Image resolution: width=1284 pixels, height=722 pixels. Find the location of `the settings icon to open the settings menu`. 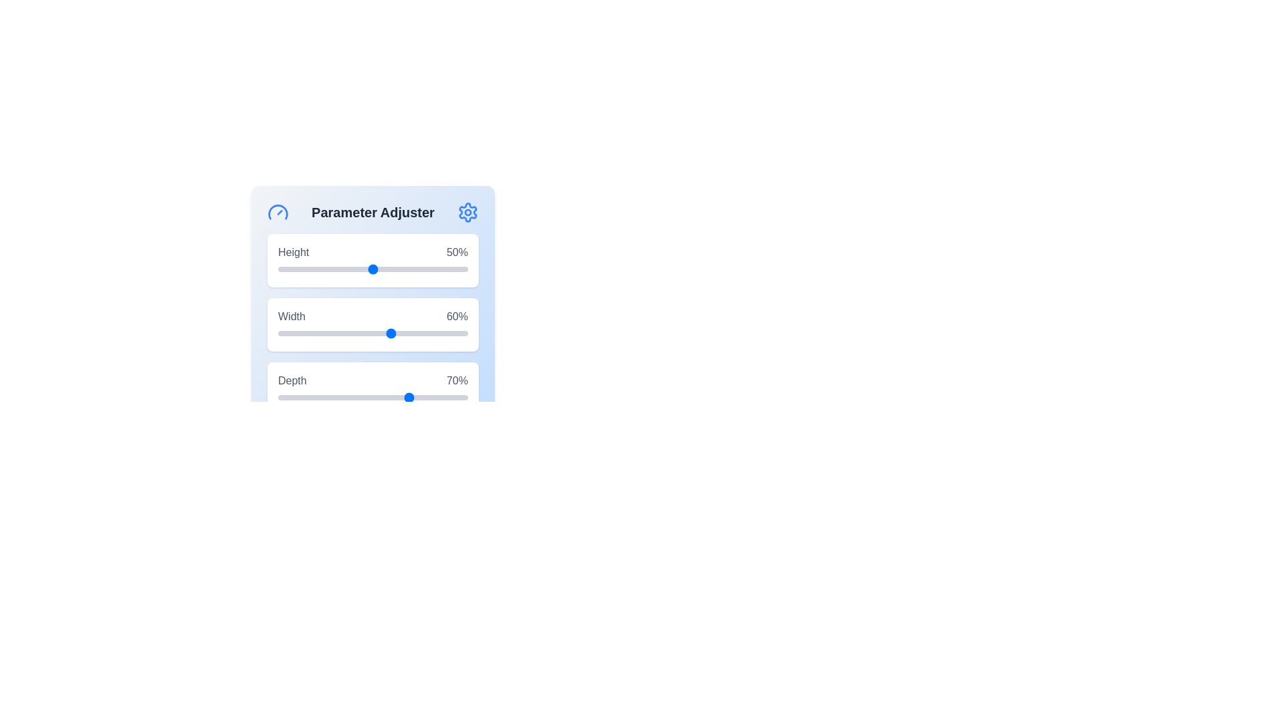

the settings icon to open the settings menu is located at coordinates (468, 211).